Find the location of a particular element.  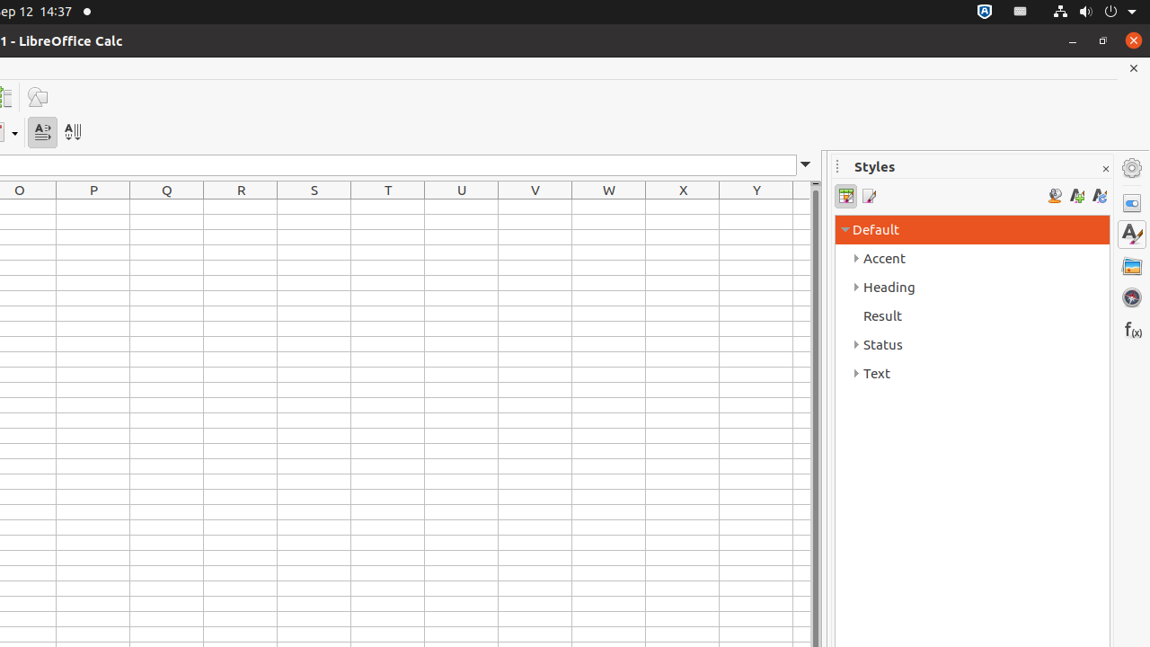

'P1' is located at coordinates (93, 206).